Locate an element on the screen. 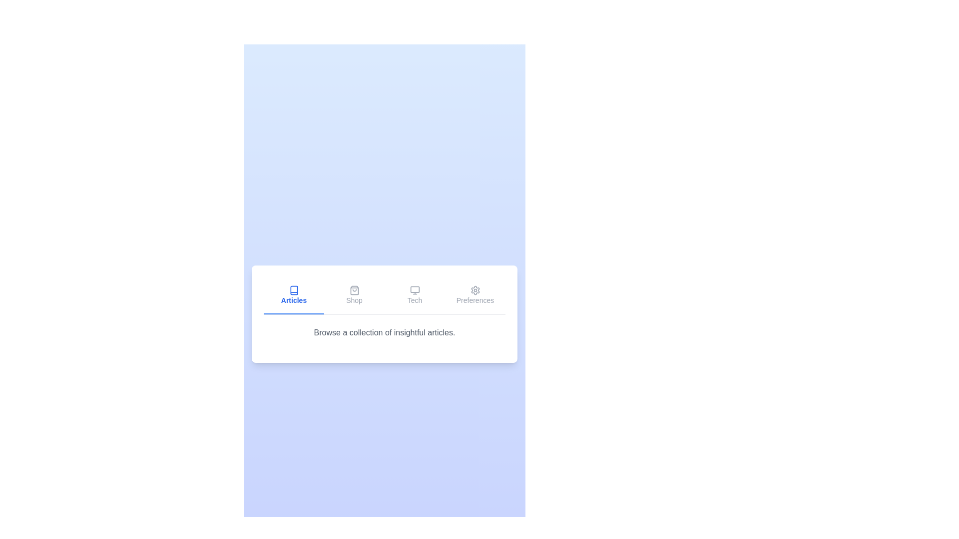  the tab labeled Preferences to preview its style change is located at coordinates (475, 295).